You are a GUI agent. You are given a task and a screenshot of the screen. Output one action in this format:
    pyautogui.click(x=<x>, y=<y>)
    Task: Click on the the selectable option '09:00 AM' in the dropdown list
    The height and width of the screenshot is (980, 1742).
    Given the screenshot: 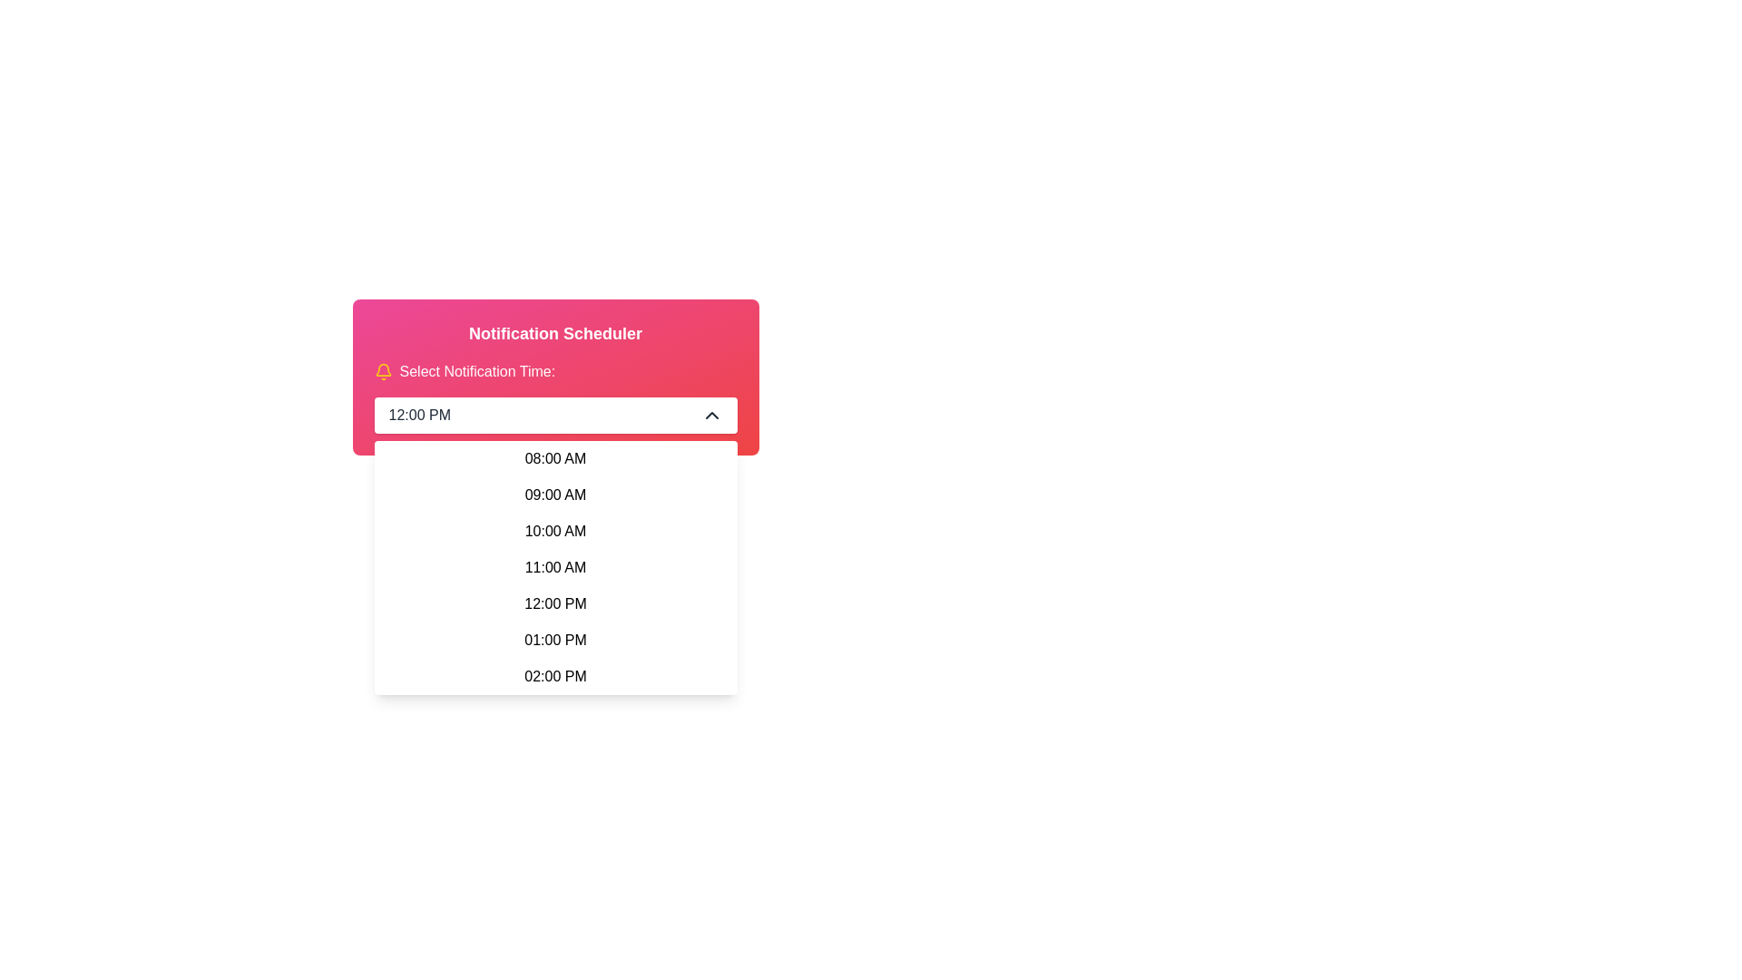 What is the action you would take?
    pyautogui.click(x=554, y=495)
    